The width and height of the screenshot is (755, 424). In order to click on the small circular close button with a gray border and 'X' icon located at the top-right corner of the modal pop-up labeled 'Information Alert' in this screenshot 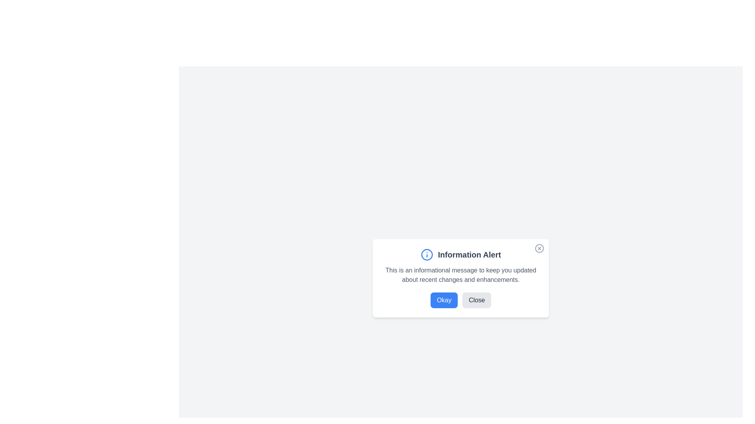, I will do `click(539, 250)`.